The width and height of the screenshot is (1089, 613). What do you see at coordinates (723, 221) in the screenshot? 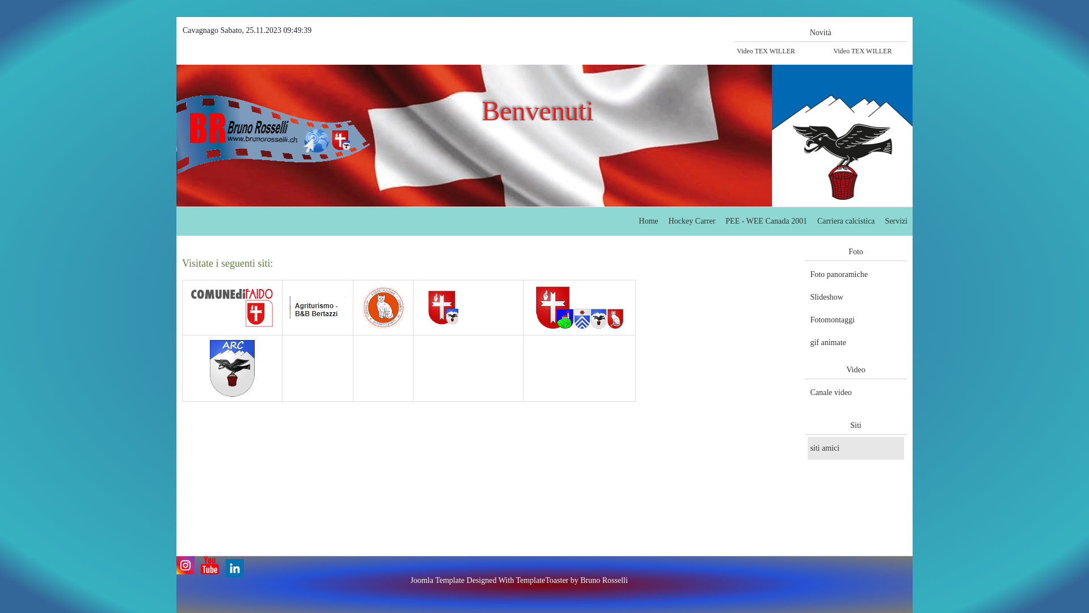
I see `'PEE - WEE Canada 2001'` at bounding box center [723, 221].